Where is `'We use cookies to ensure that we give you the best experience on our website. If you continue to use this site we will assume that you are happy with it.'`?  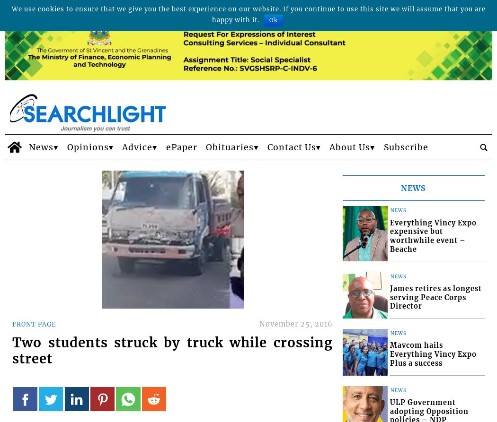 'We use cookies to ensure that we give you the best experience on our website. If you continue to use this site we will assume that you are happy with it.' is located at coordinates (248, 14).